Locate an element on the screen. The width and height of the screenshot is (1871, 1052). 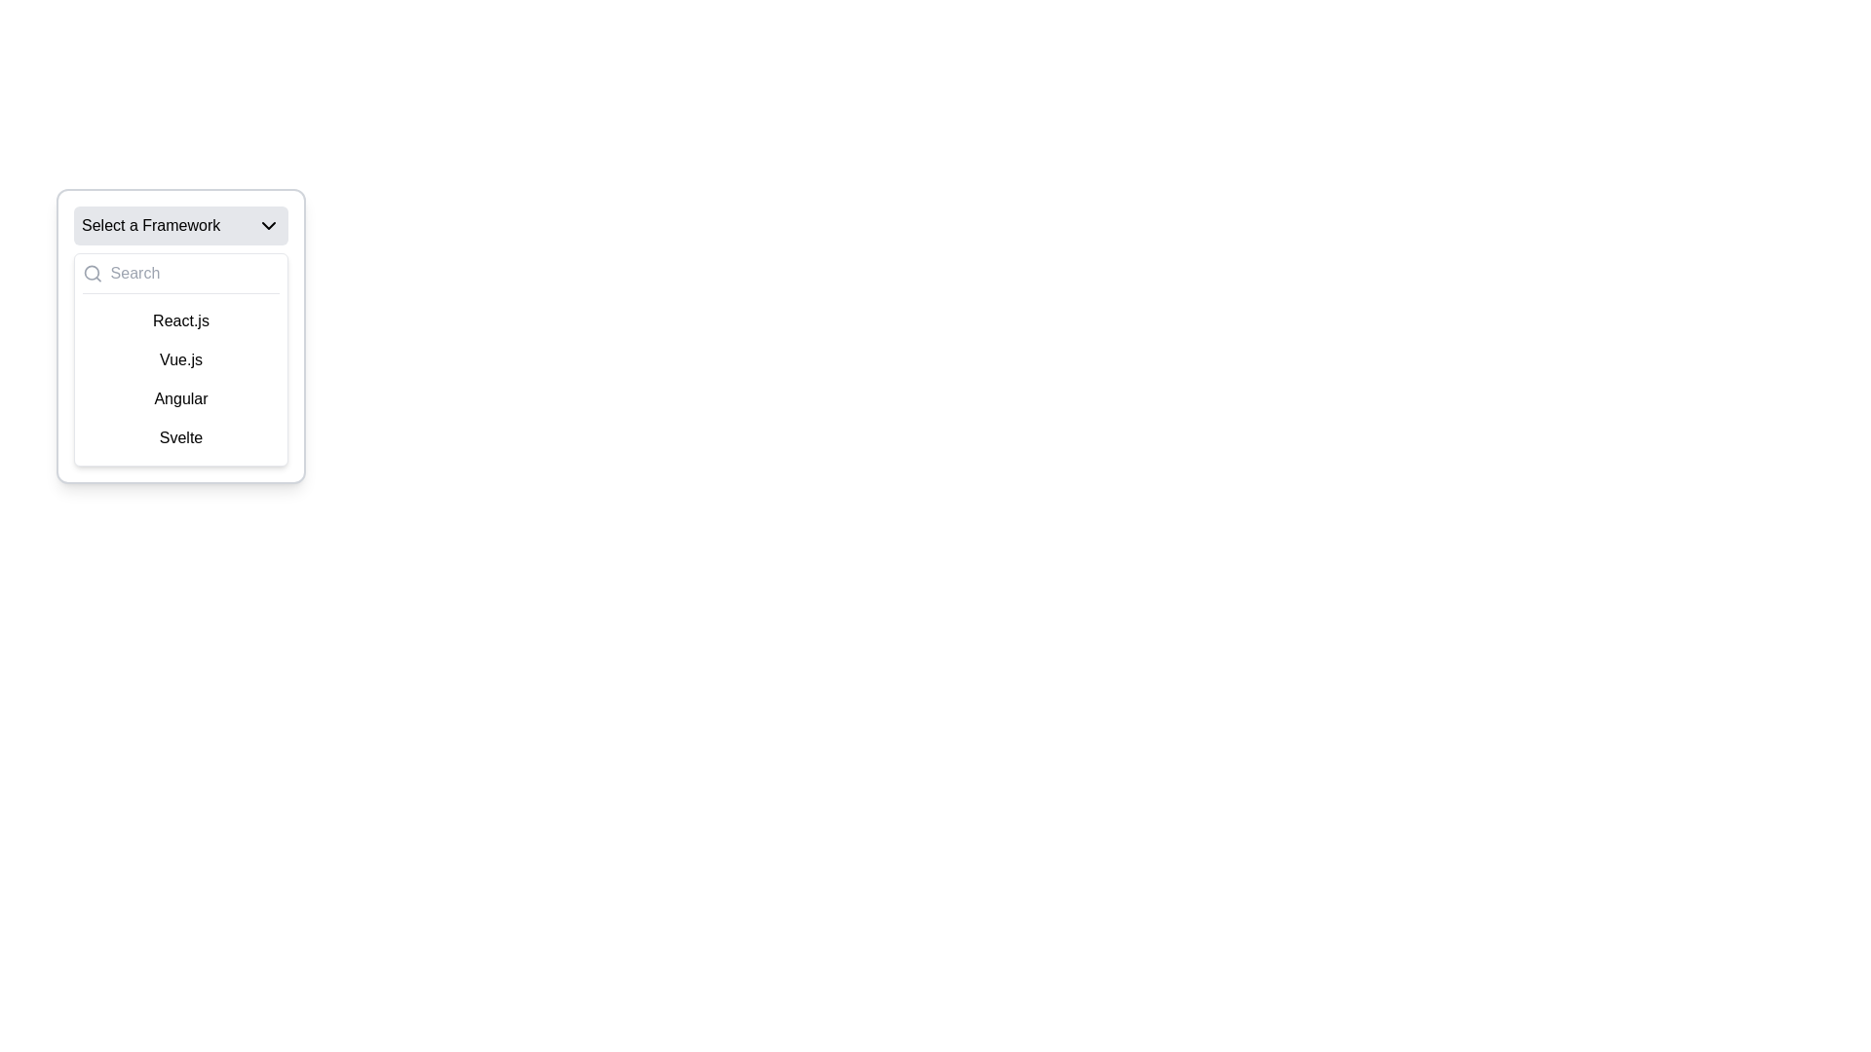
the 'React.js' option in the dropdown list is located at coordinates (181, 335).